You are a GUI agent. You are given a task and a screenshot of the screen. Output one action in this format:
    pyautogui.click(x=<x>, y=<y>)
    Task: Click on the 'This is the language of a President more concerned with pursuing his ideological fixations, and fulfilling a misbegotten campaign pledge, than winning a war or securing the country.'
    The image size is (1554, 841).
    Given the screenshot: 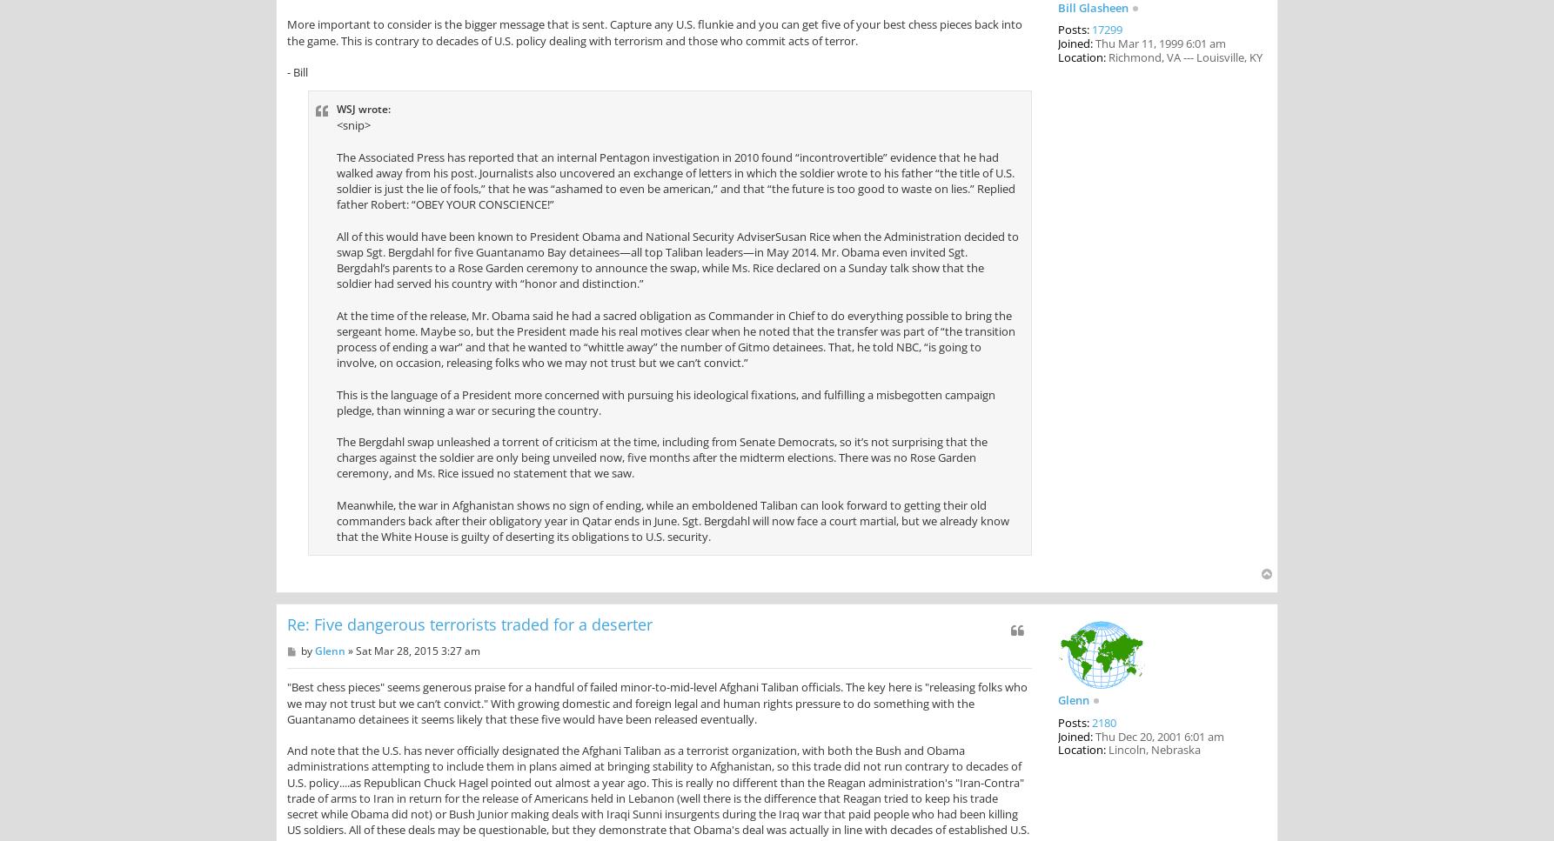 What is the action you would take?
    pyautogui.click(x=665, y=402)
    